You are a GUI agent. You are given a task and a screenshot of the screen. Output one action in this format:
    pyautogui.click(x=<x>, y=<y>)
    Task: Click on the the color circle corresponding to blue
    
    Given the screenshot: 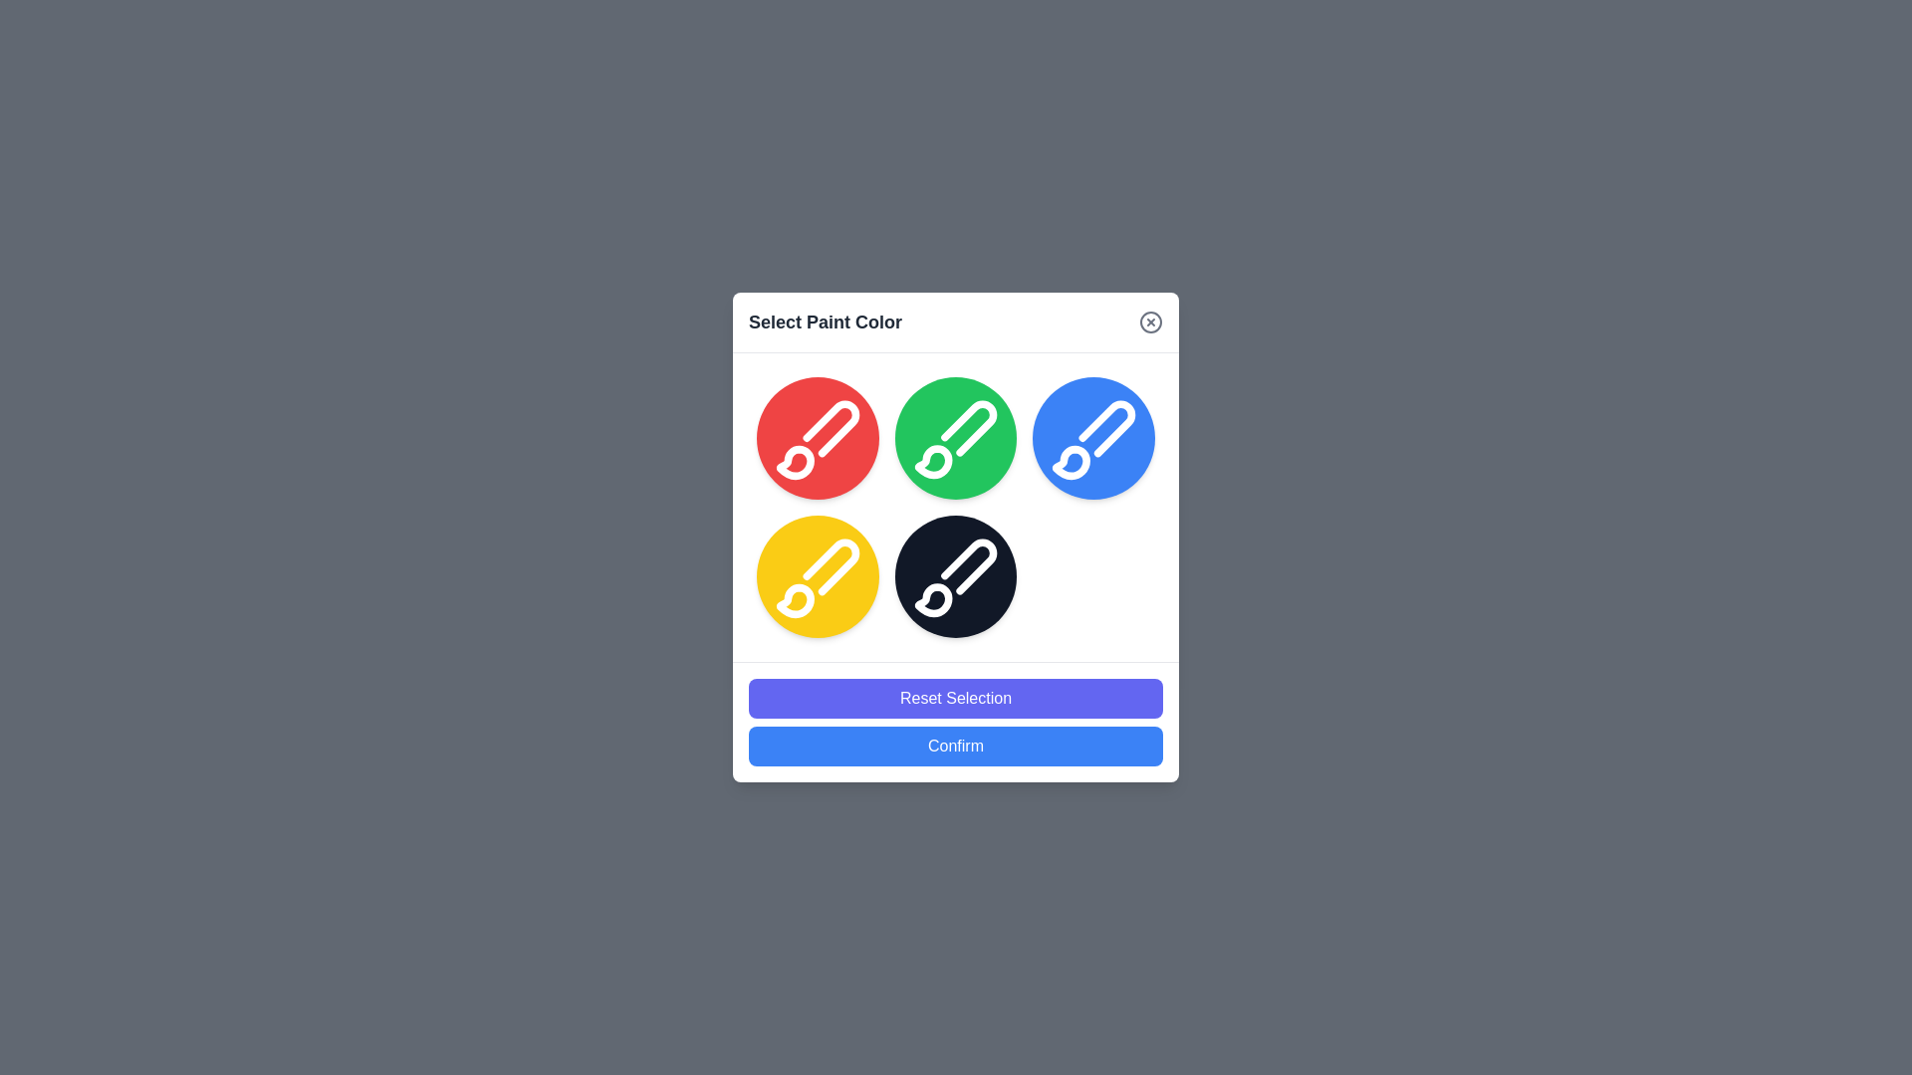 What is the action you would take?
    pyautogui.click(x=1093, y=436)
    